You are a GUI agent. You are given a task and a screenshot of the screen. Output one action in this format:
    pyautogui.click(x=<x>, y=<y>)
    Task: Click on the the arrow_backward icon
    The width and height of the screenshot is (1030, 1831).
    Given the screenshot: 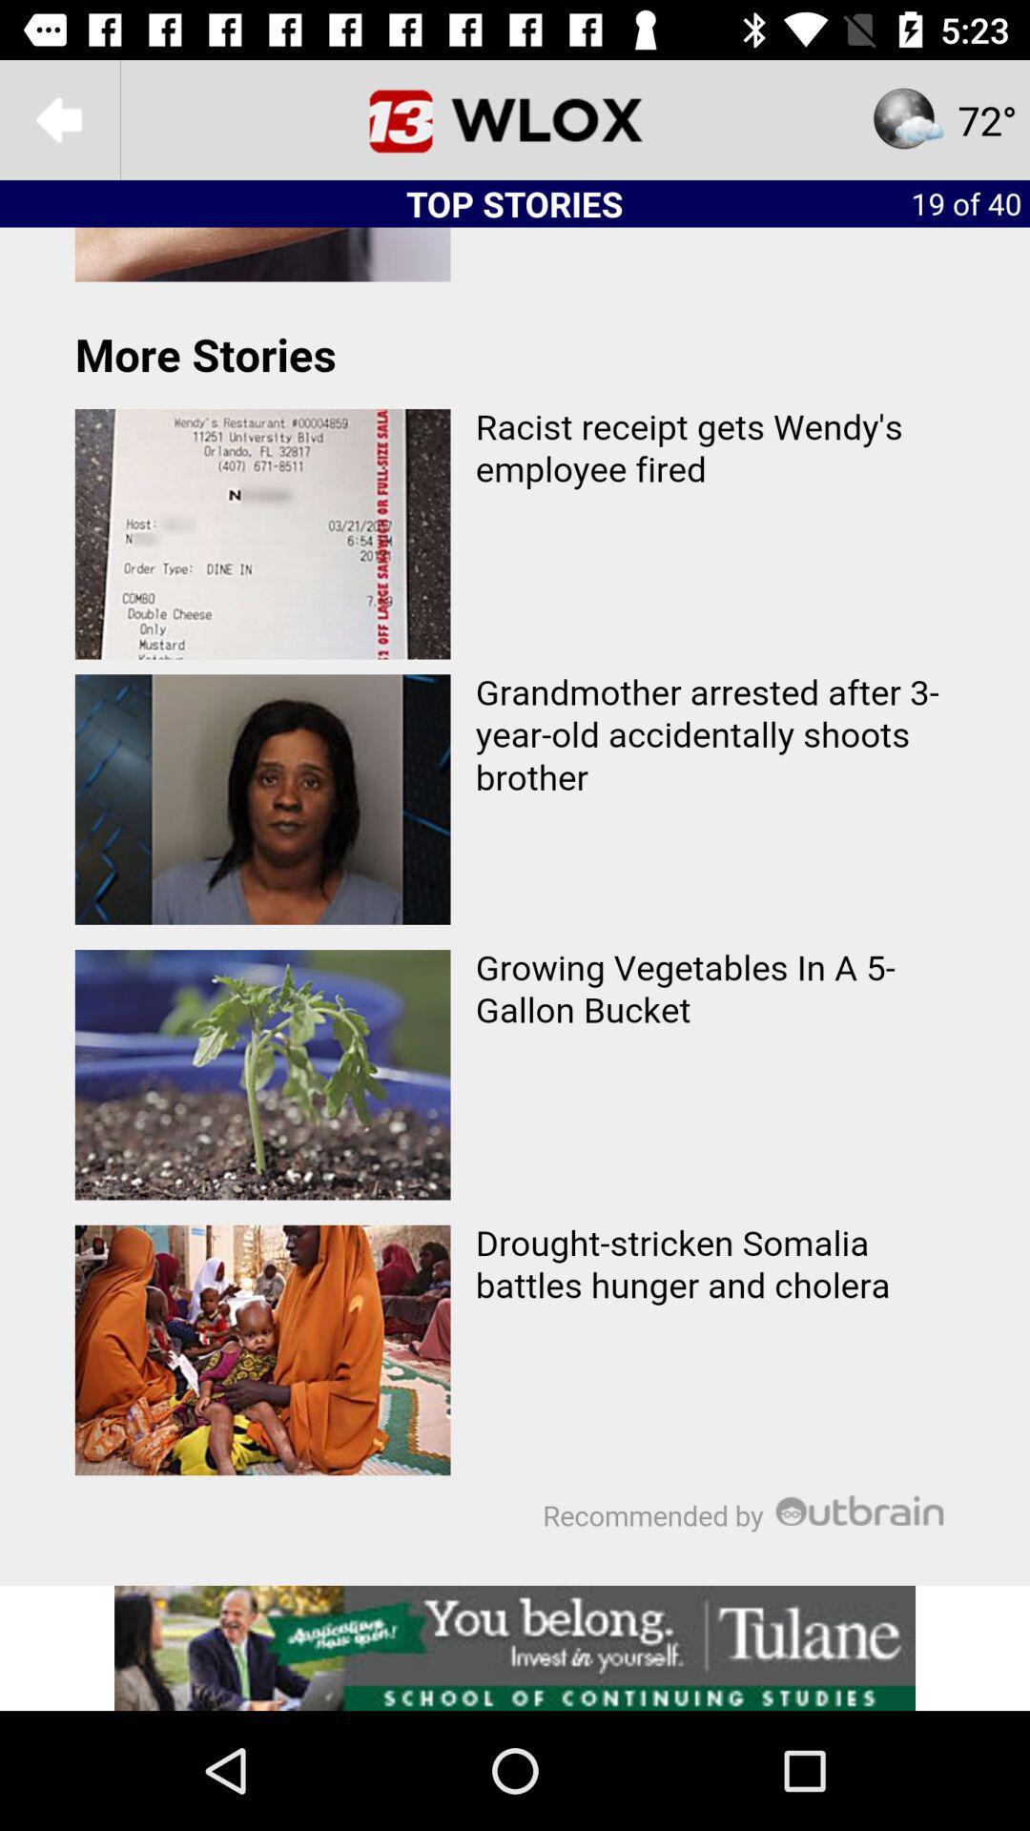 What is the action you would take?
    pyautogui.click(x=58, y=118)
    